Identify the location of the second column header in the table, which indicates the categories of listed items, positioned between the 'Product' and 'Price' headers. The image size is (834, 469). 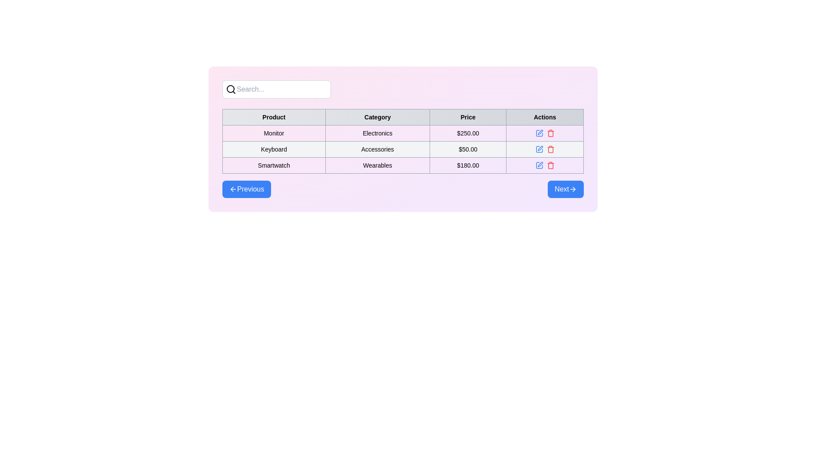
(377, 117).